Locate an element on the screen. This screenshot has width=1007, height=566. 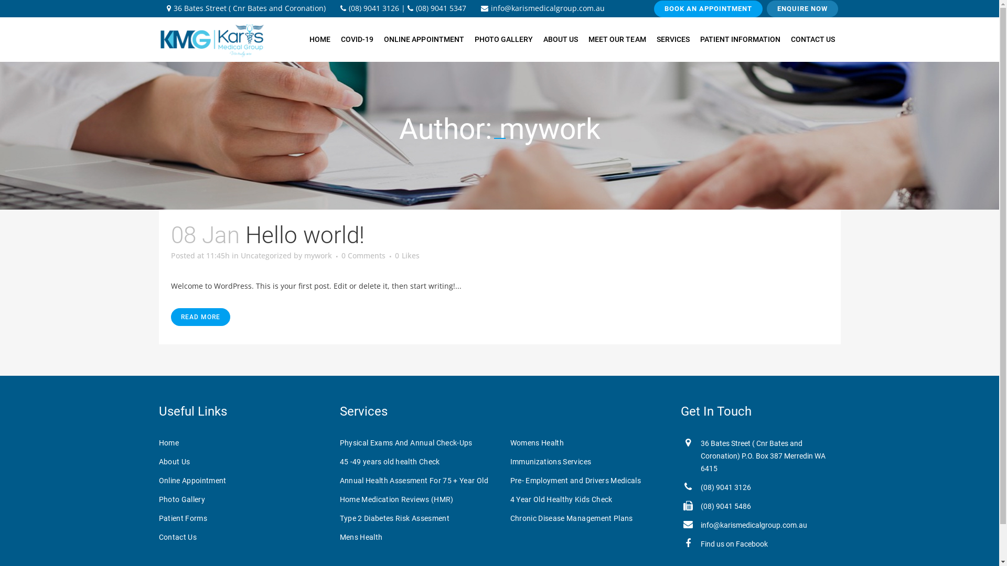
'0 Comments' is located at coordinates (362, 255).